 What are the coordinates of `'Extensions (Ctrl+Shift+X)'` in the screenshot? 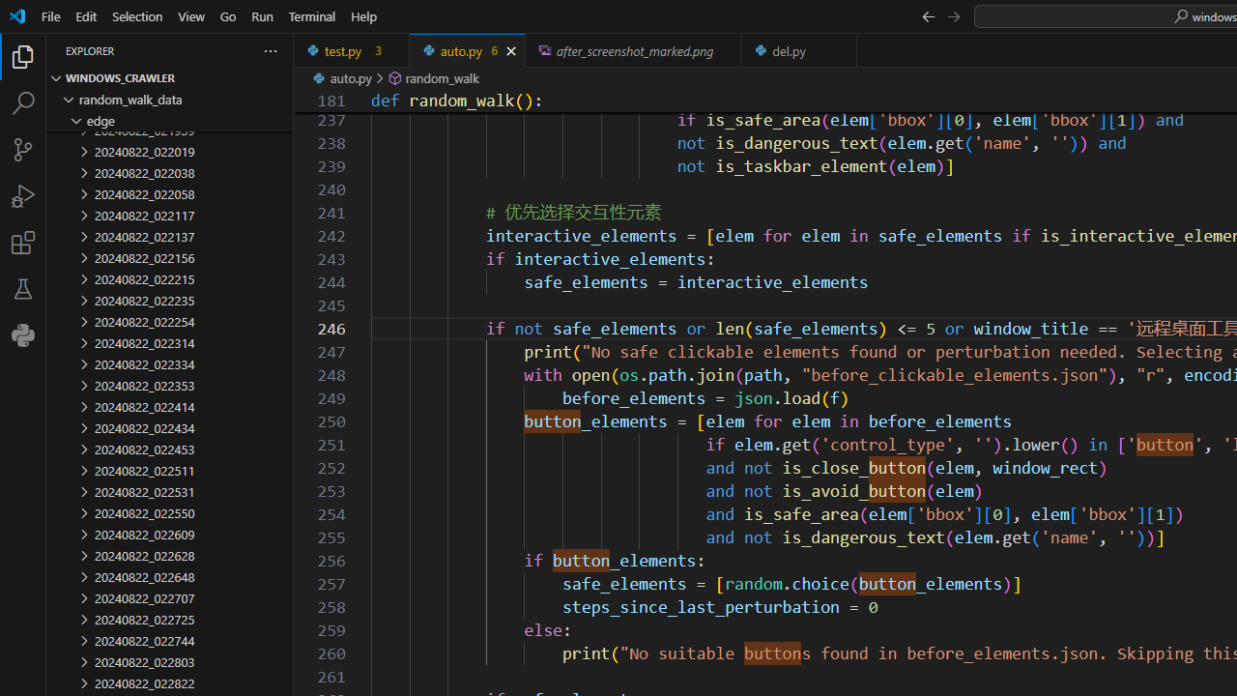 It's located at (23, 241).